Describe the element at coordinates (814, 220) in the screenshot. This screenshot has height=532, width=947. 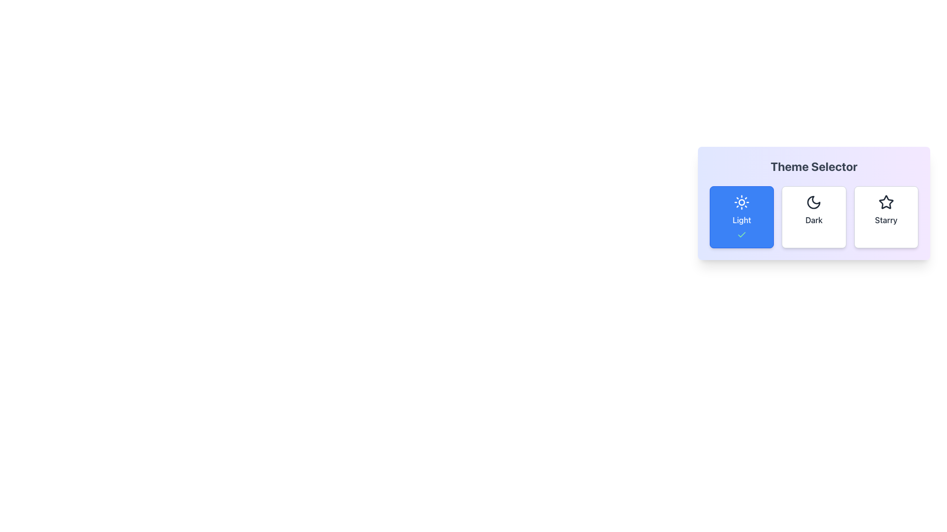
I see `text label for the dark mode option in the 'Theme Selector', which is the second choice from the left below the crescent moon icon` at that location.